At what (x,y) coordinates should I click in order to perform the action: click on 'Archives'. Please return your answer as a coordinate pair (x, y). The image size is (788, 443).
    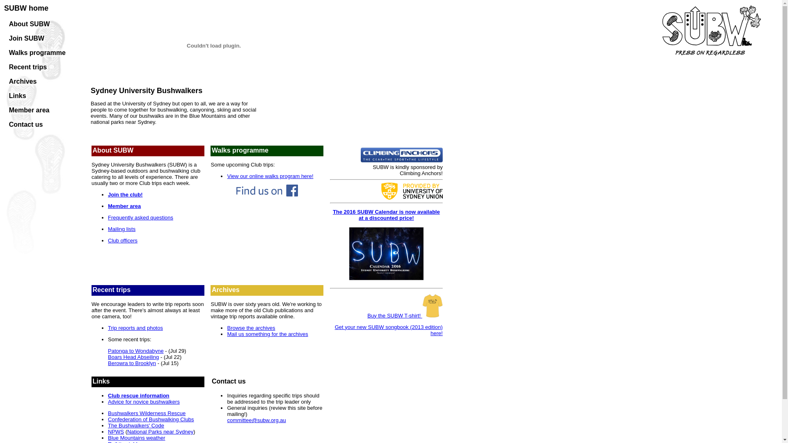
    Looking at the image, I should click on (8, 81).